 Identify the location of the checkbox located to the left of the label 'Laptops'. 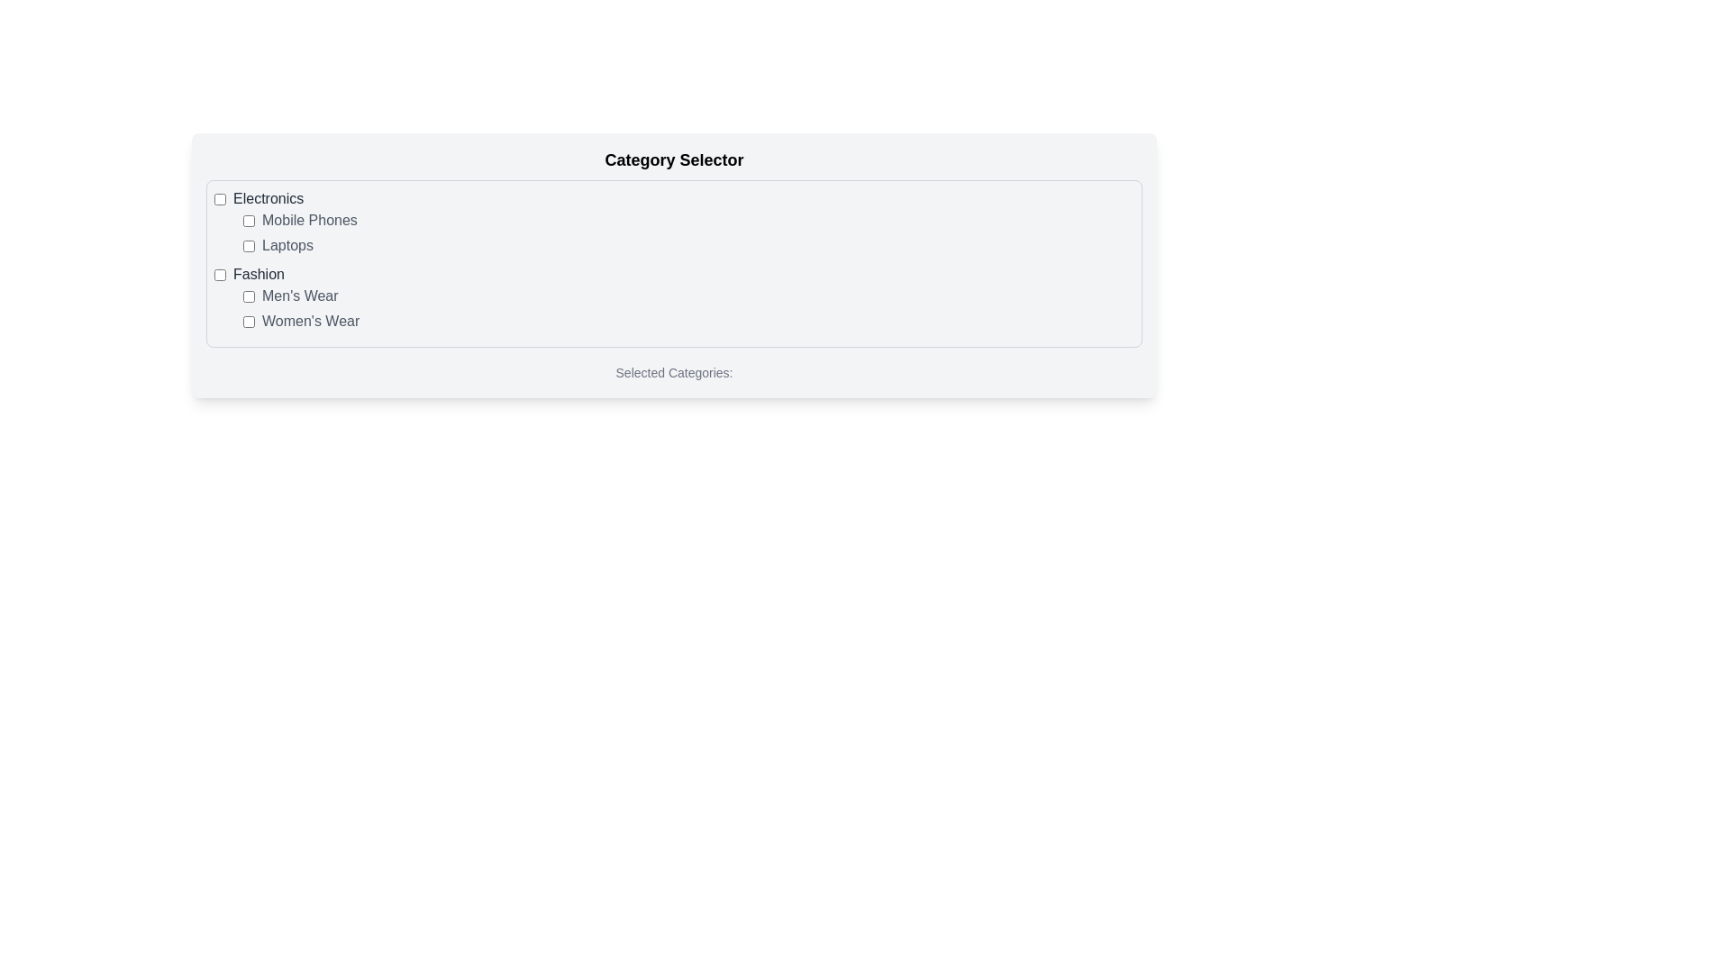
(248, 246).